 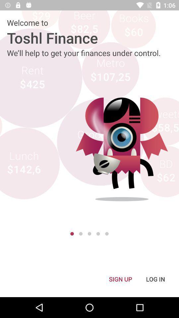 What do you see at coordinates (155, 279) in the screenshot?
I see `log in icon` at bounding box center [155, 279].